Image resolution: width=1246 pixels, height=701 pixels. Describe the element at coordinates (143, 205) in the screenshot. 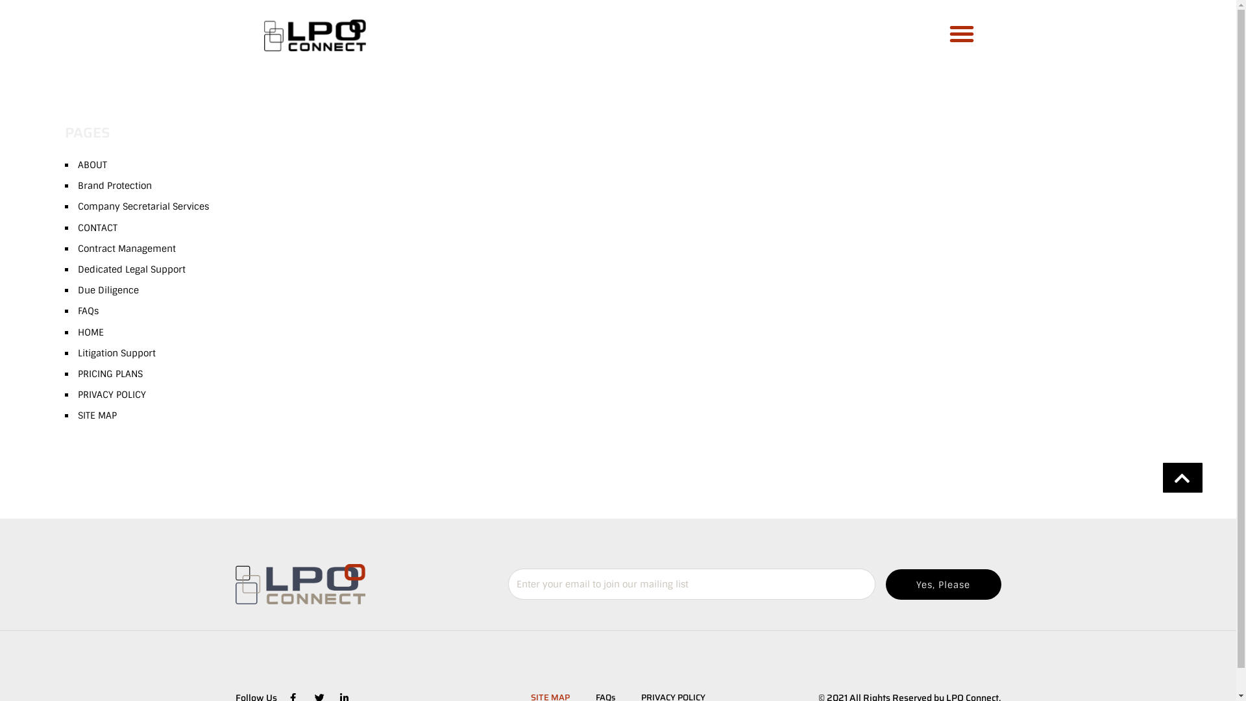

I see `'Company Secretarial Services'` at that location.